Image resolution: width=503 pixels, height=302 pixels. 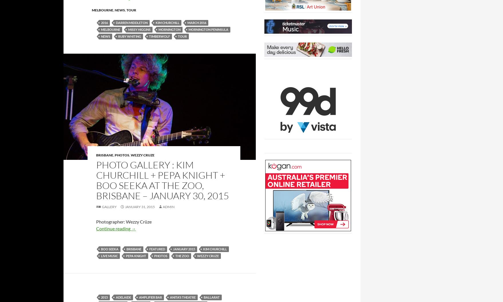 What do you see at coordinates (183, 297) in the screenshot?
I see `'Anita’s Theatre'` at bounding box center [183, 297].